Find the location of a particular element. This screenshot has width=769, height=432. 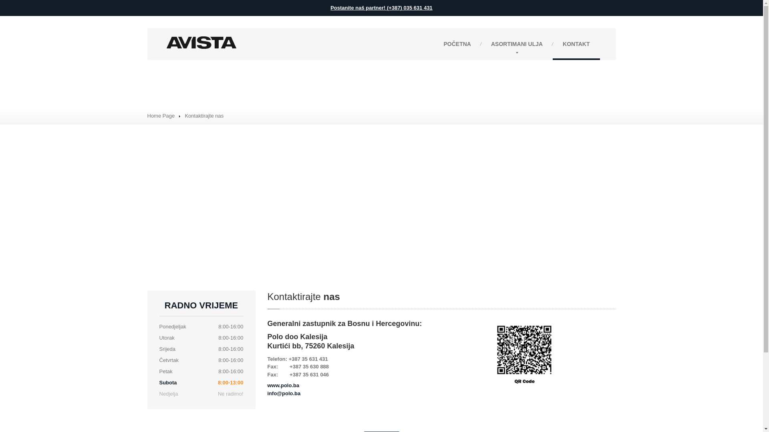

'info@polo.ba' is located at coordinates (284, 393).